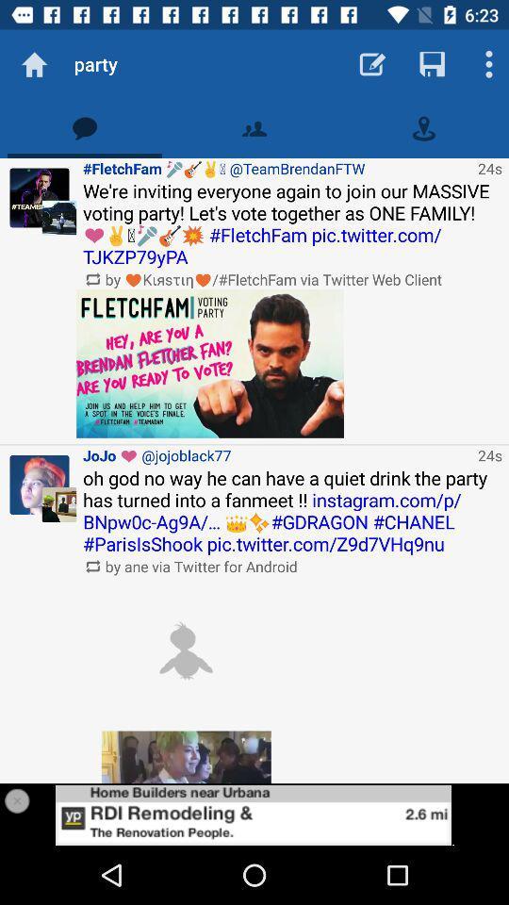 This screenshot has height=905, width=509. I want to click on get notification, so click(84, 127).